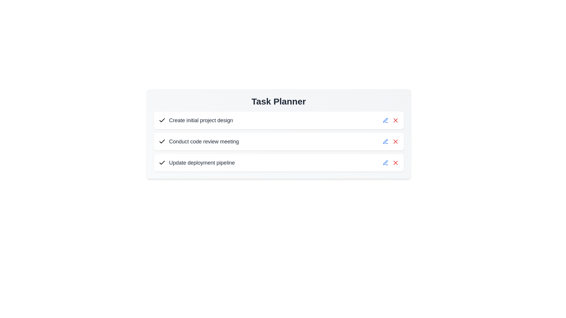 This screenshot has height=318, width=566. I want to click on the 'Remove Task' button located at the right end of the last row in the task planner interface, specifically the third 'Remove' action for the row labeled 'Update deployment pipeline', so click(395, 163).